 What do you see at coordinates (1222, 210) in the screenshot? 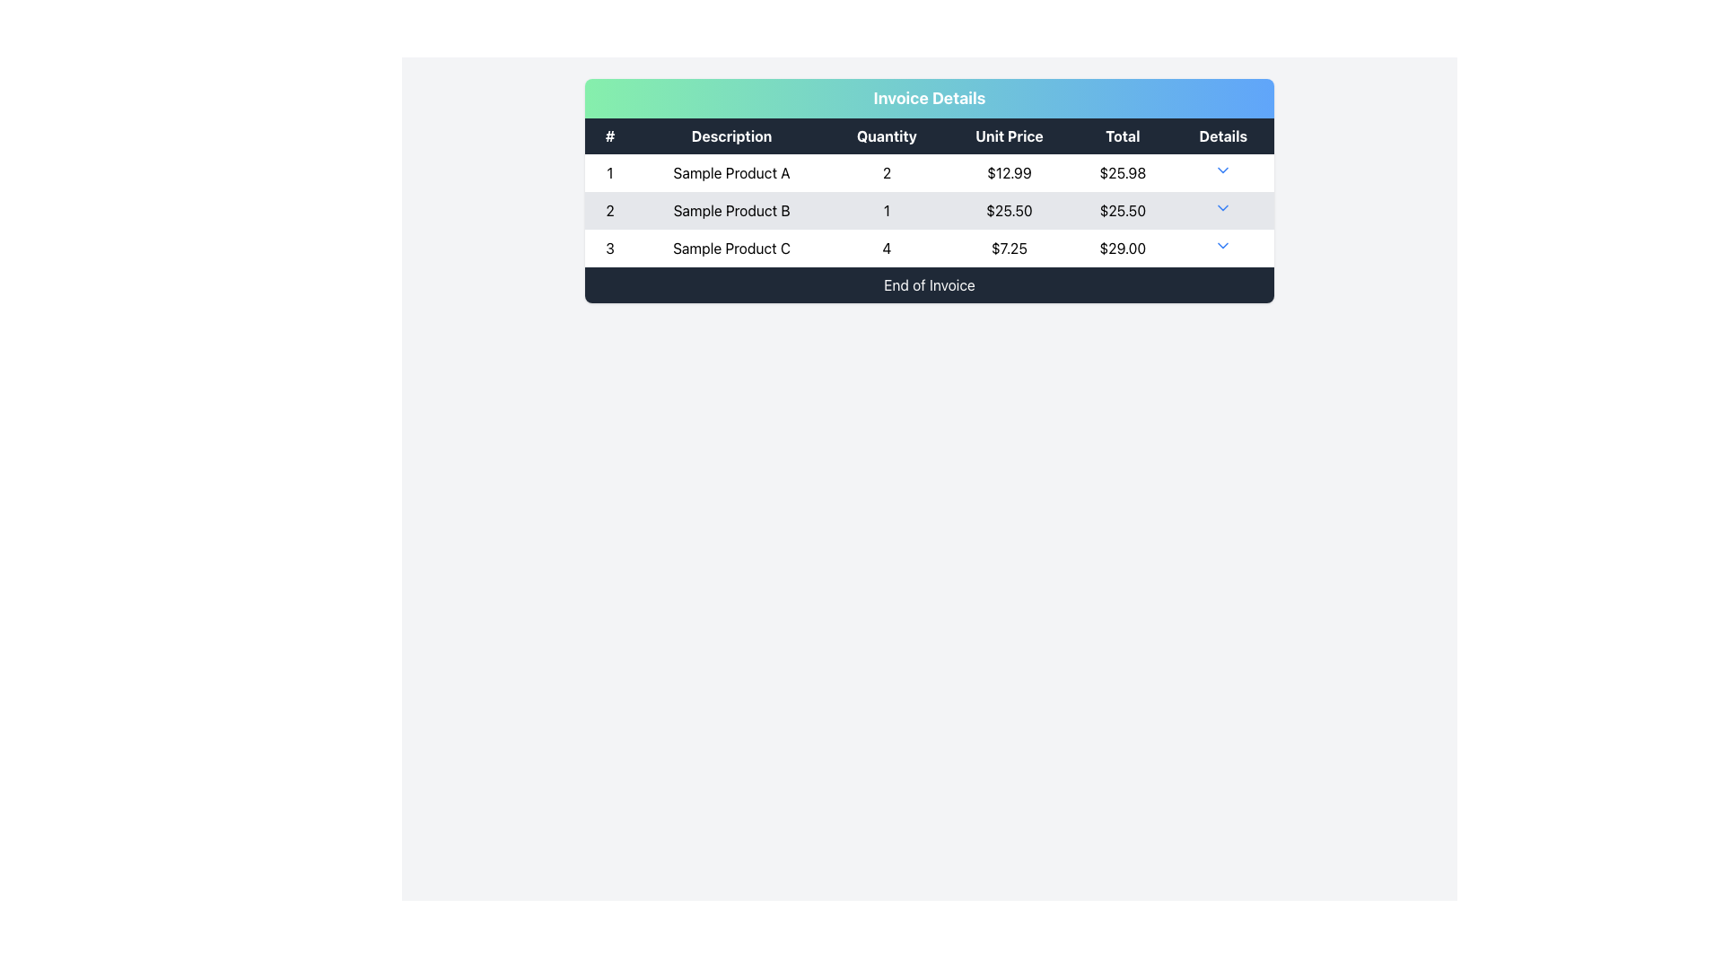
I see `the downward-pointing blue arrow icon located in the 'Details' column of the second row in the table` at bounding box center [1222, 210].